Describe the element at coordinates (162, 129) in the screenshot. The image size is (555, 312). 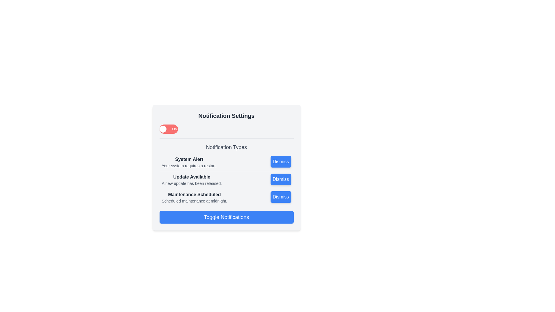
I see `the toggle switch located in the top-left section of the 'Notification Settings' card by clicking on it, which is indicated by the 'Off' label on the left side` at that location.